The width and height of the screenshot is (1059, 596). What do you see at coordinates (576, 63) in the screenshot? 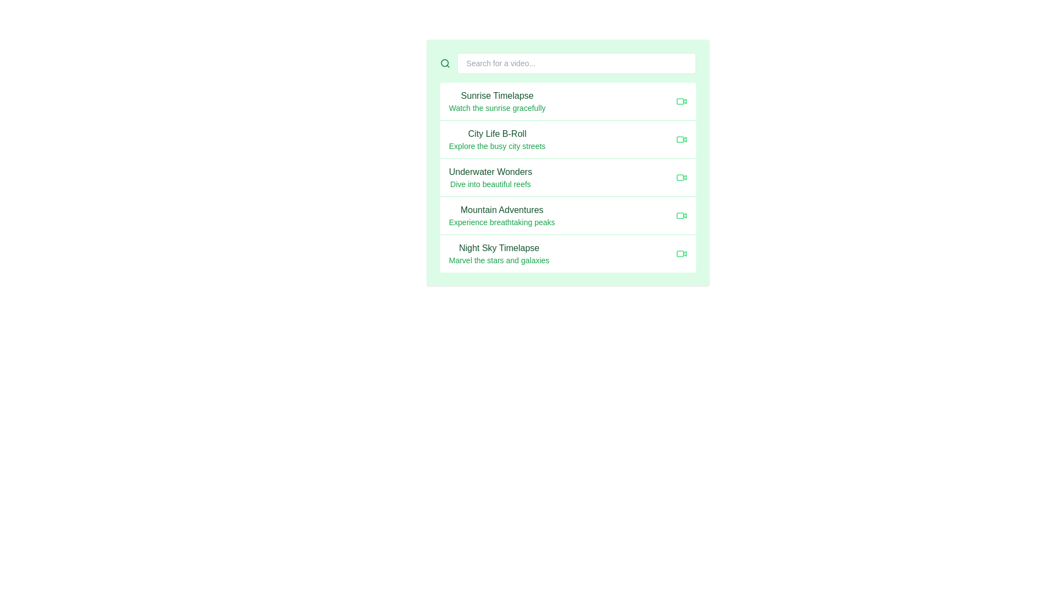
I see `the rectangular search bar with rounded corners and a light gray border to focus on it` at bounding box center [576, 63].